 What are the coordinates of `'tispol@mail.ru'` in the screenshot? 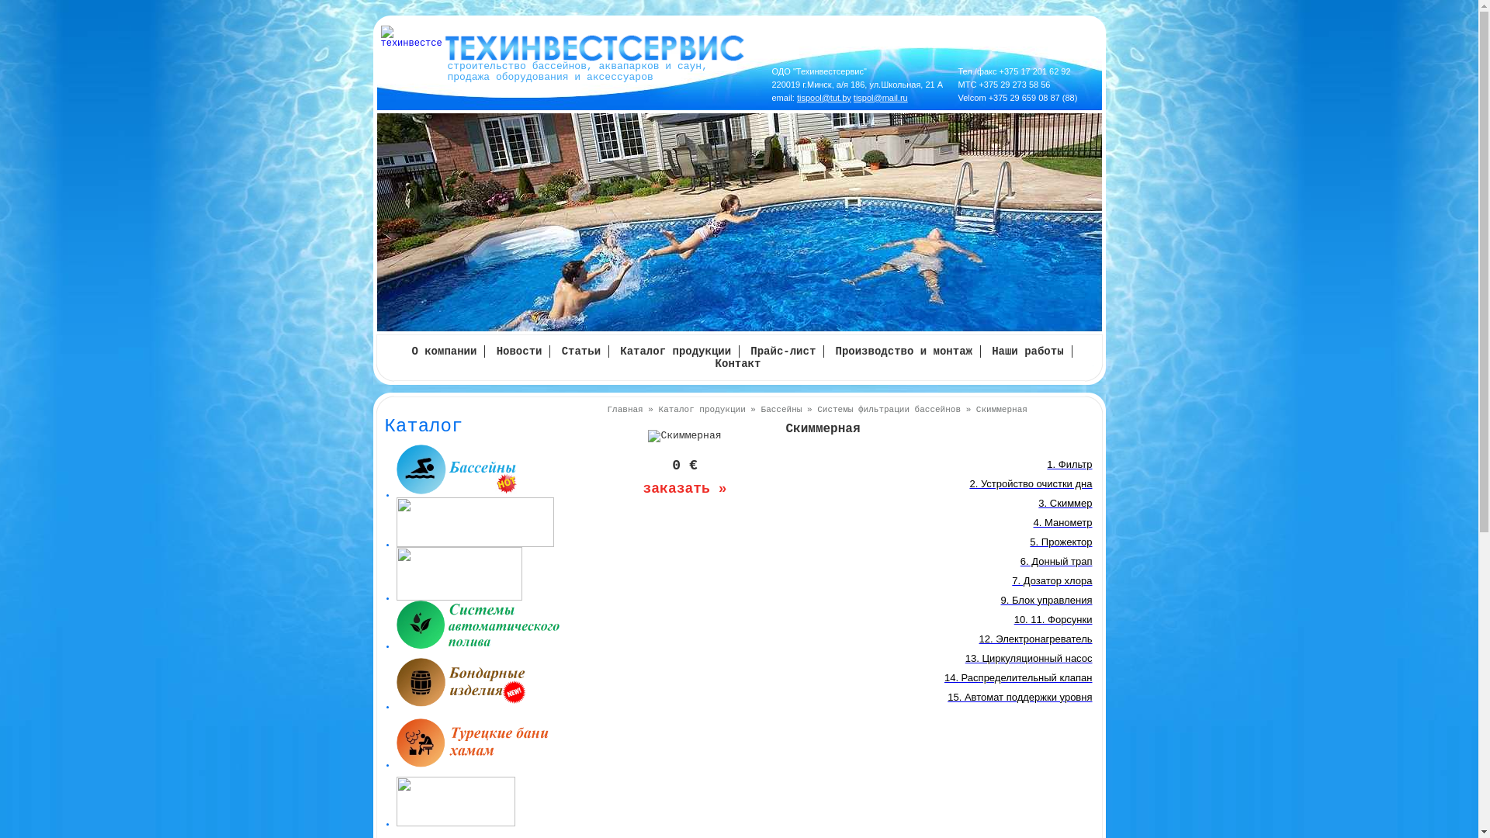 It's located at (880, 98).